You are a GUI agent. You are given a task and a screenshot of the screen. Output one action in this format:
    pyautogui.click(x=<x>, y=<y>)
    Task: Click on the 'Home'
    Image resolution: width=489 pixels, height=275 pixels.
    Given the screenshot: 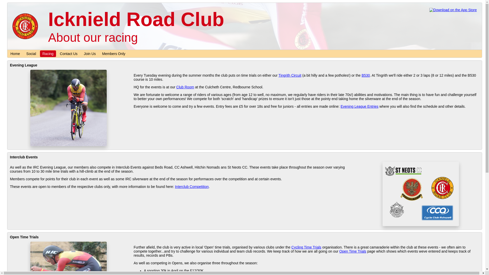 What is the action you would take?
    pyautogui.click(x=15, y=54)
    